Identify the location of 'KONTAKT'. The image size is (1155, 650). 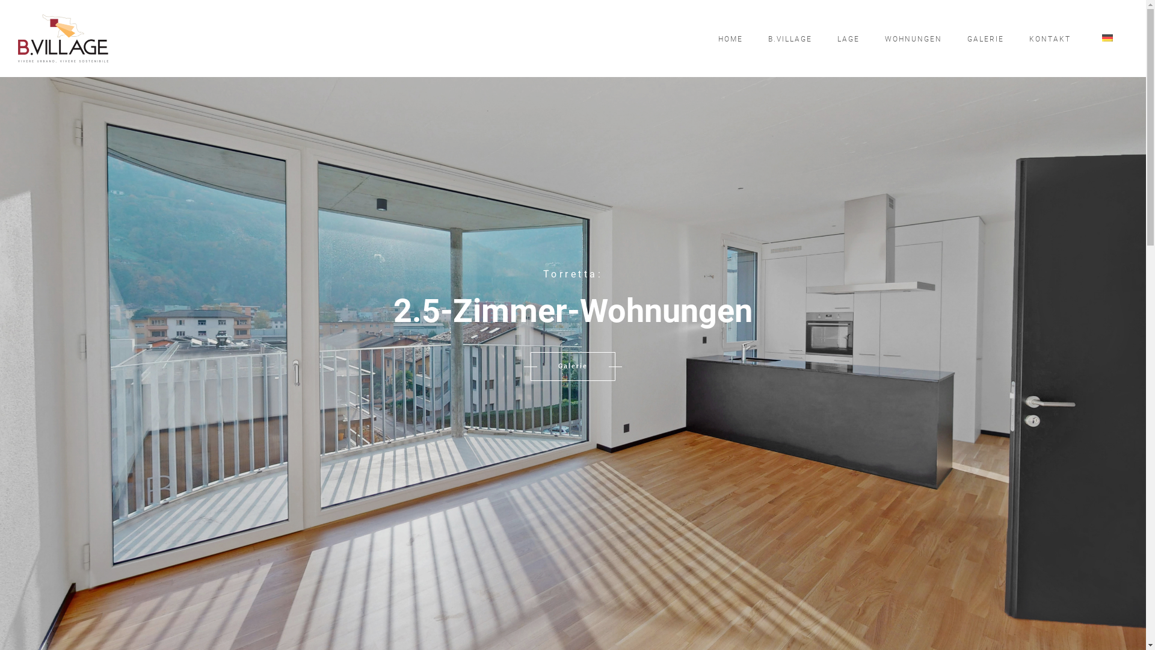
(1049, 39).